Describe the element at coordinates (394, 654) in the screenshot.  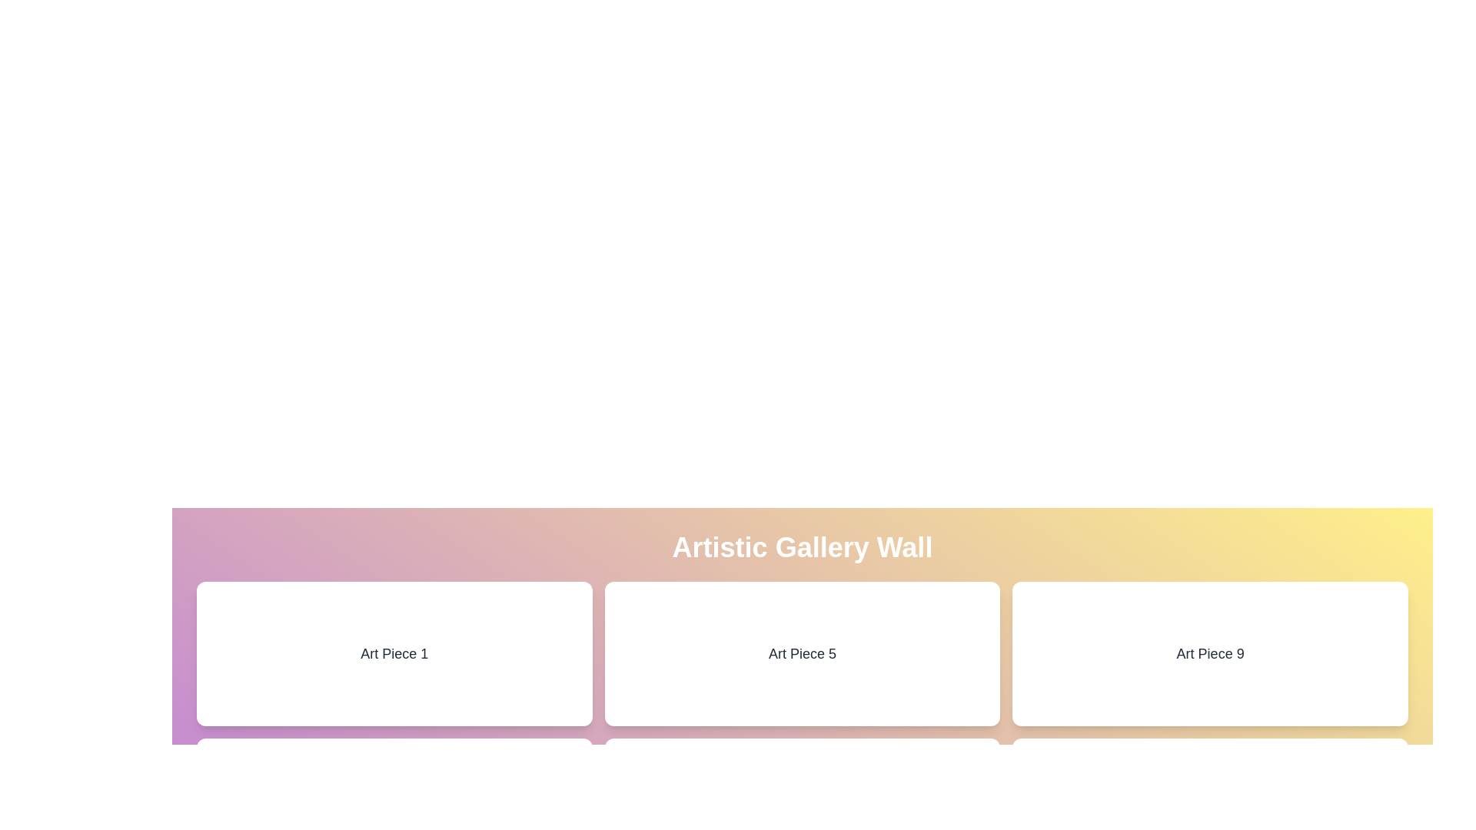
I see `the first card in the grid layout, which displays 'Art Piece 1' in a medium-sized dark font against a gradient background` at that location.